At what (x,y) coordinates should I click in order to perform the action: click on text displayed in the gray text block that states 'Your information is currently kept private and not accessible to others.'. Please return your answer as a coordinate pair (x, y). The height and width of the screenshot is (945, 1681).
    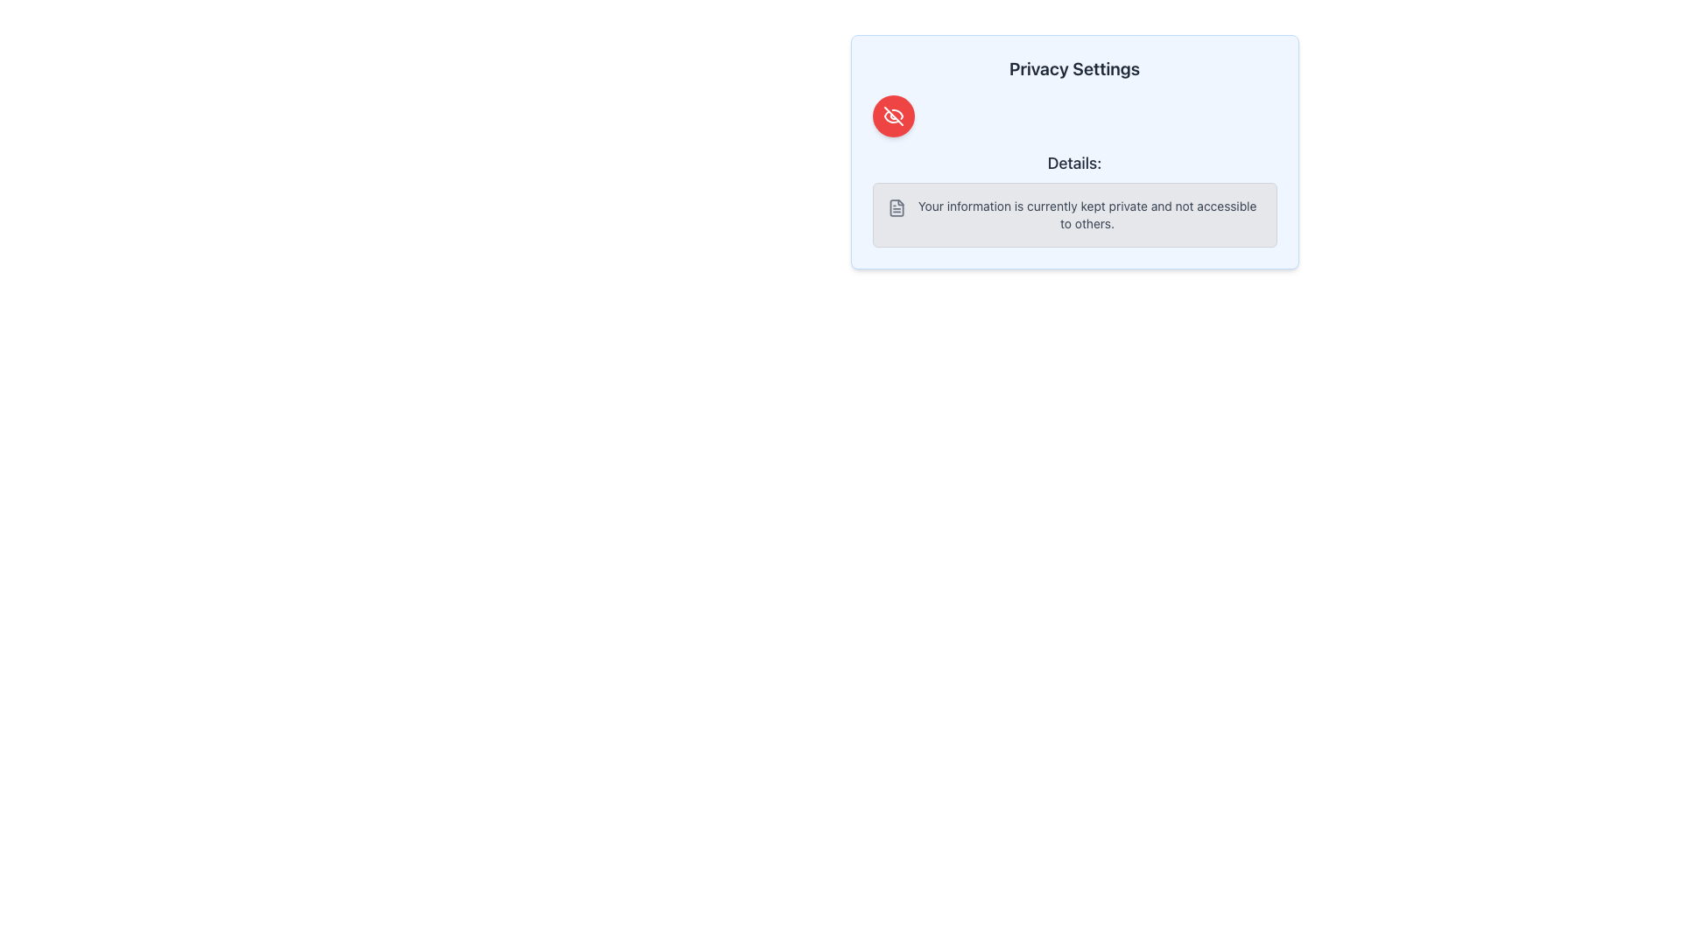
    Looking at the image, I should click on (1087, 214).